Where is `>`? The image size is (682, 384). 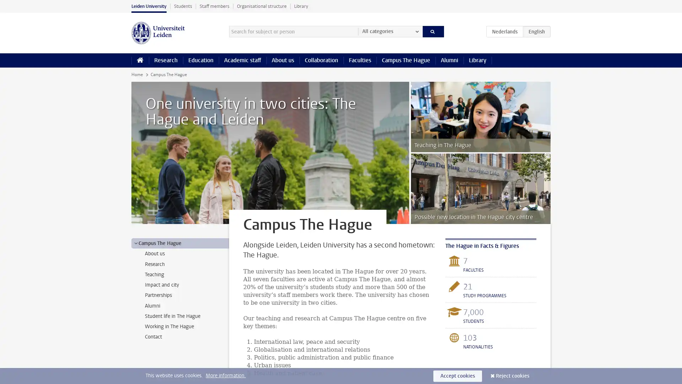
> is located at coordinates (136, 242).